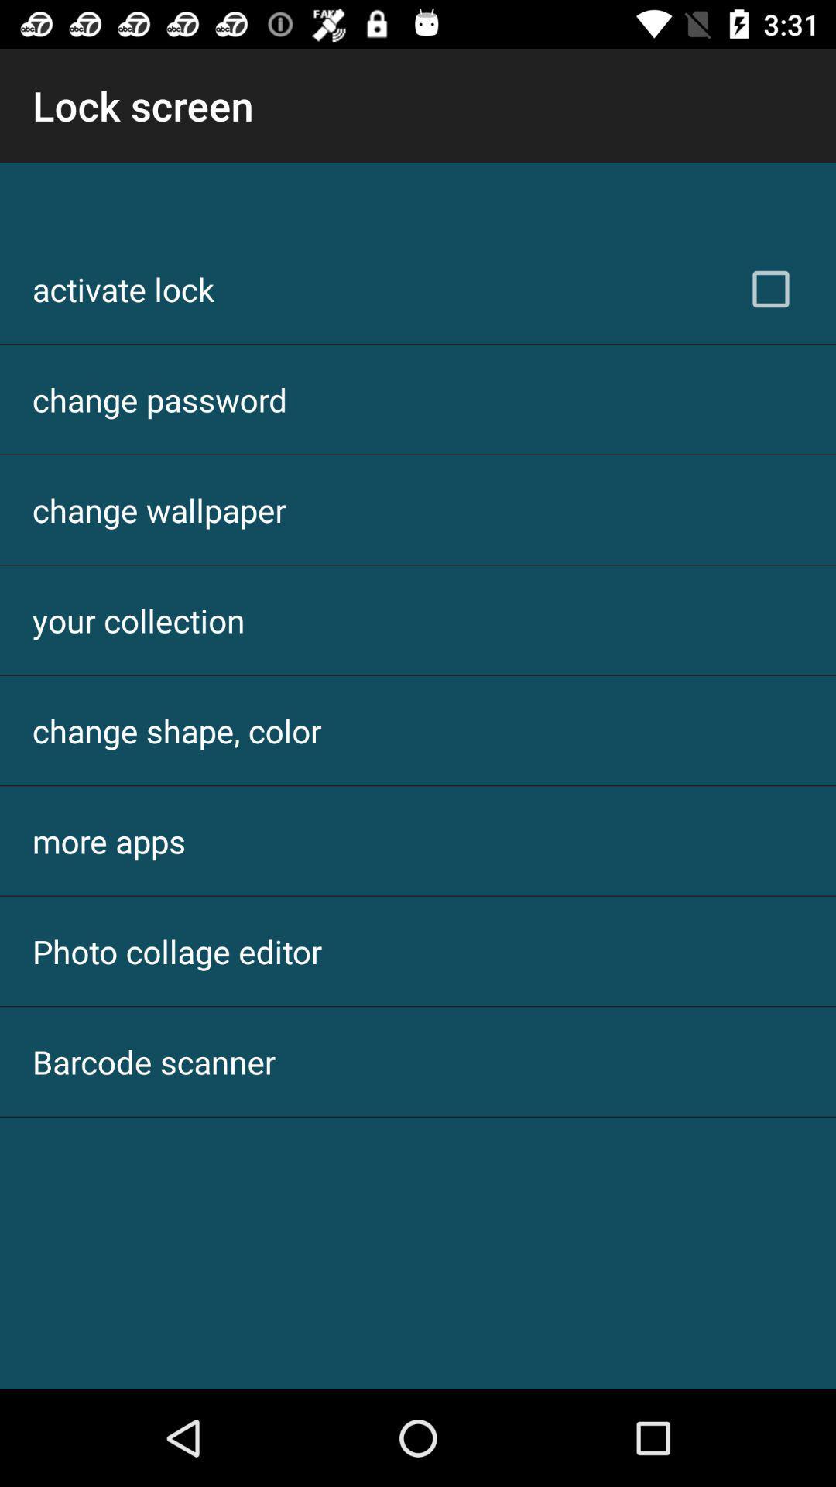 Image resolution: width=836 pixels, height=1487 pixels. I want to click on item below lock screen app, so click(122, 289).